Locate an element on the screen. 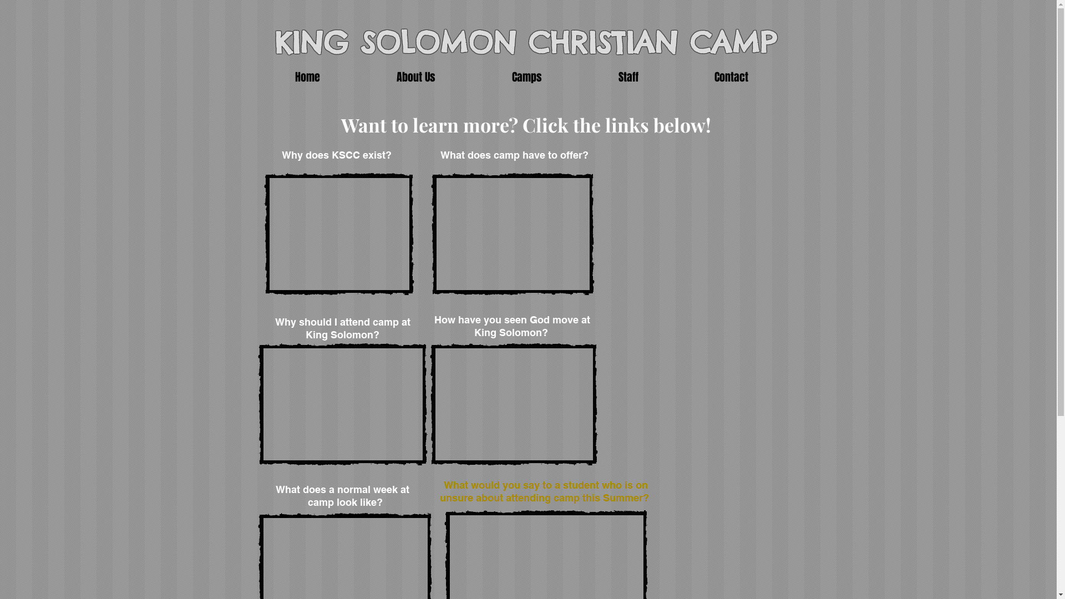 This screenshot has height=599, width=1065. 'Camps' is located at coordinates (526, 77).